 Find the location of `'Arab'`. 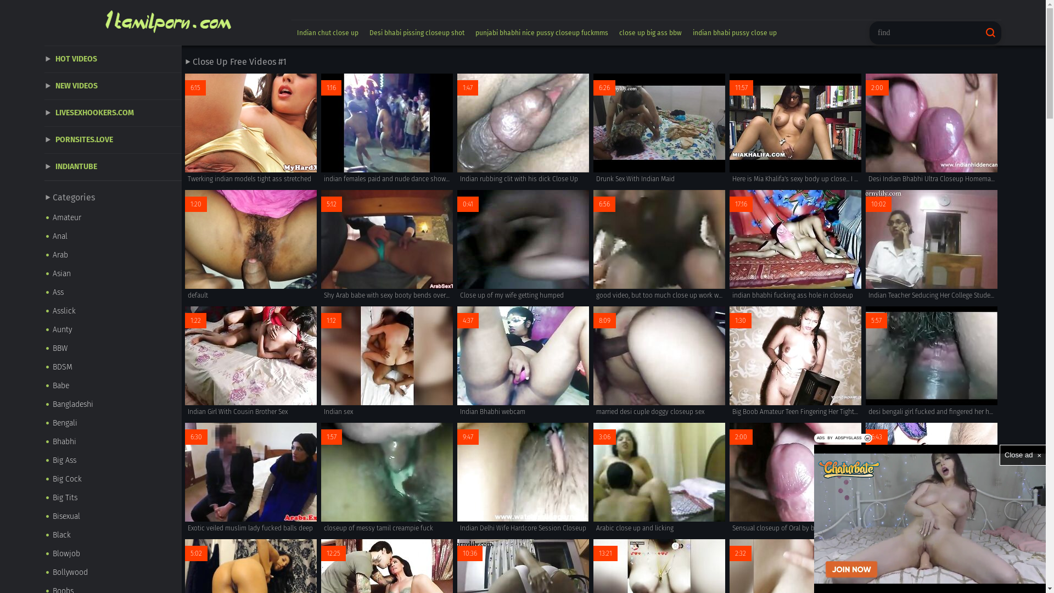

'Arab' is located at coordinates (113, 255).